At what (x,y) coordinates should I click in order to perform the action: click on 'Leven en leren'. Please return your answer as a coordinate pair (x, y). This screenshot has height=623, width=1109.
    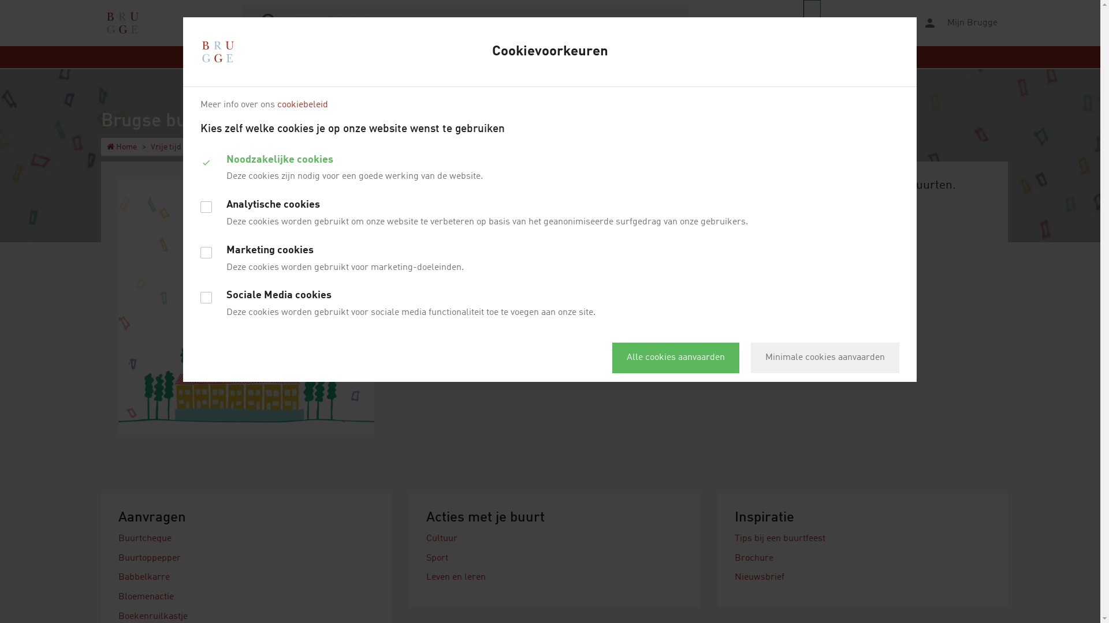
    Looking at the image, I should click on (455, 577).